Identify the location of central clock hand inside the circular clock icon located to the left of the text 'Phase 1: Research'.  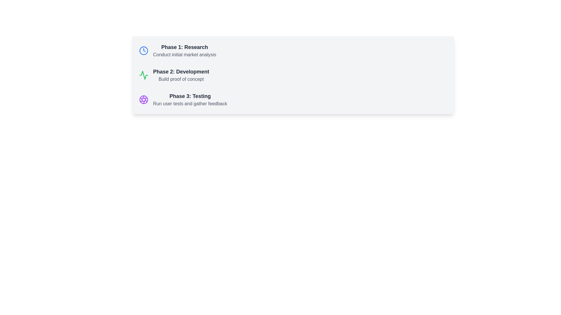
(144, 50).